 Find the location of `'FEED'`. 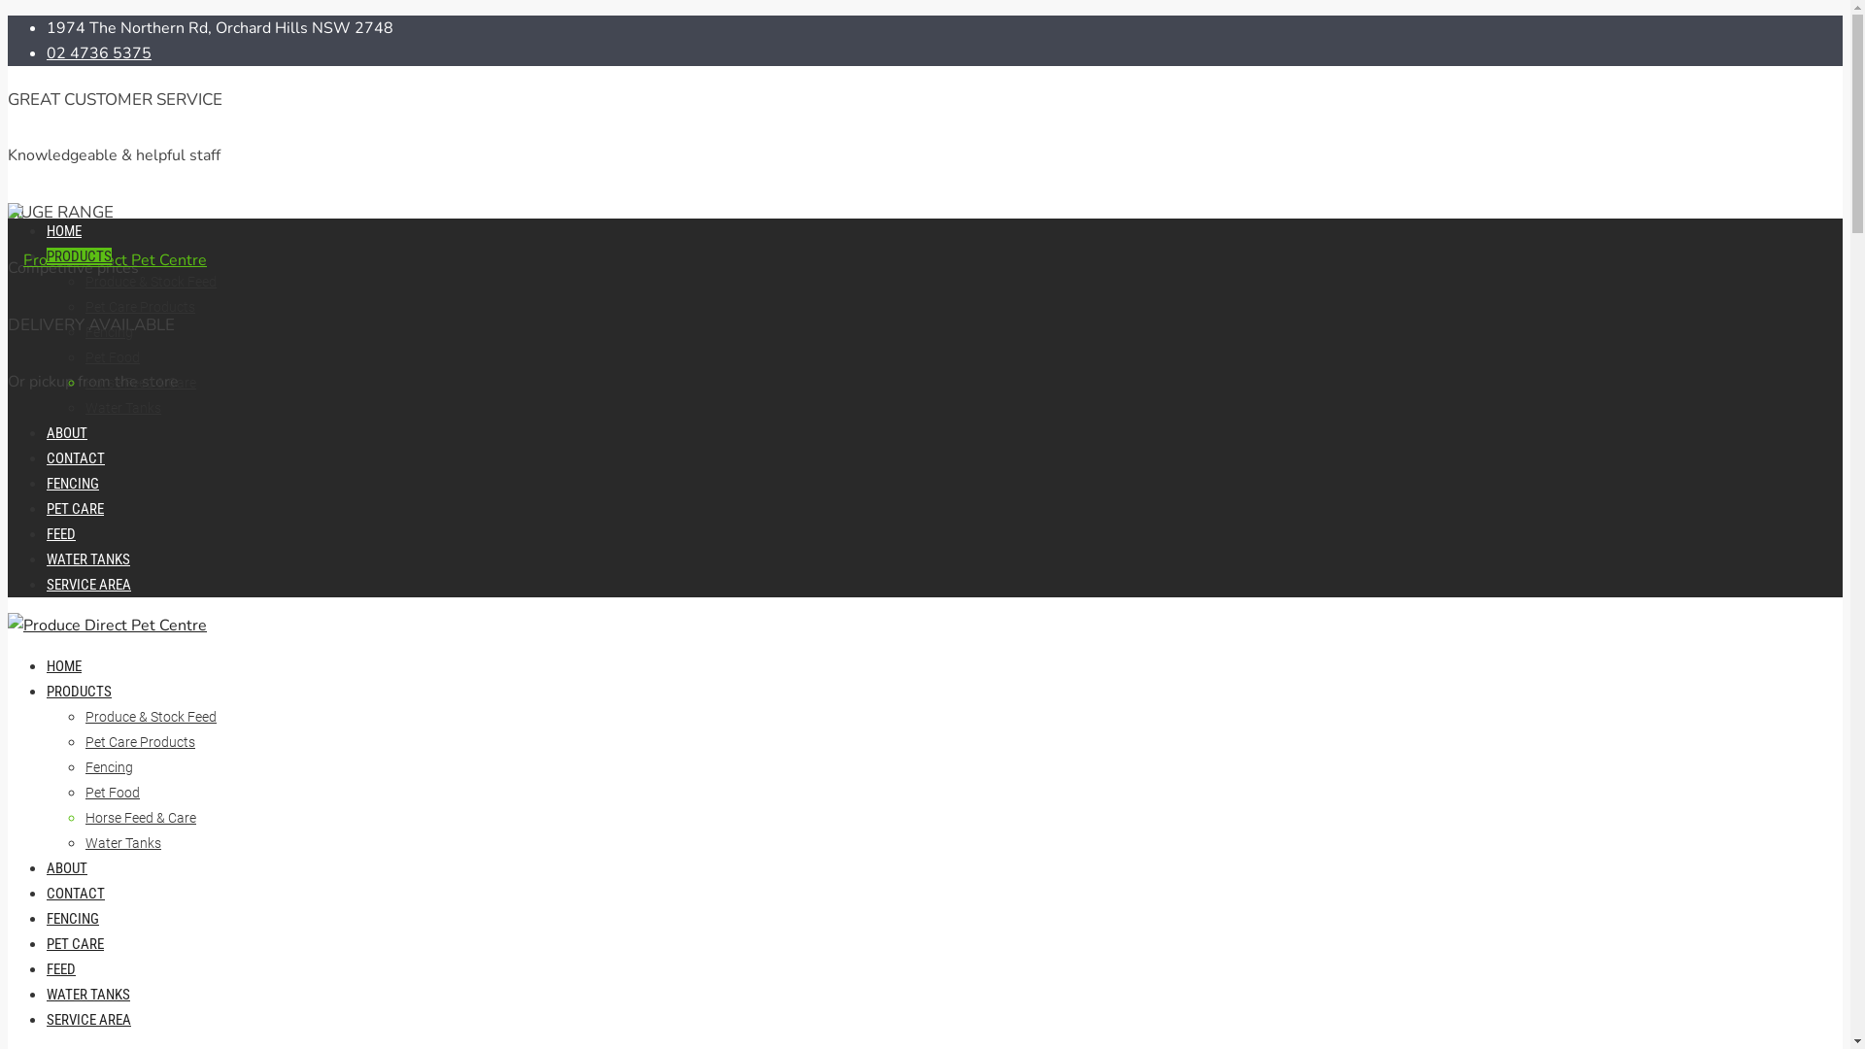

'FEED' is located at coordinates (60, 534).